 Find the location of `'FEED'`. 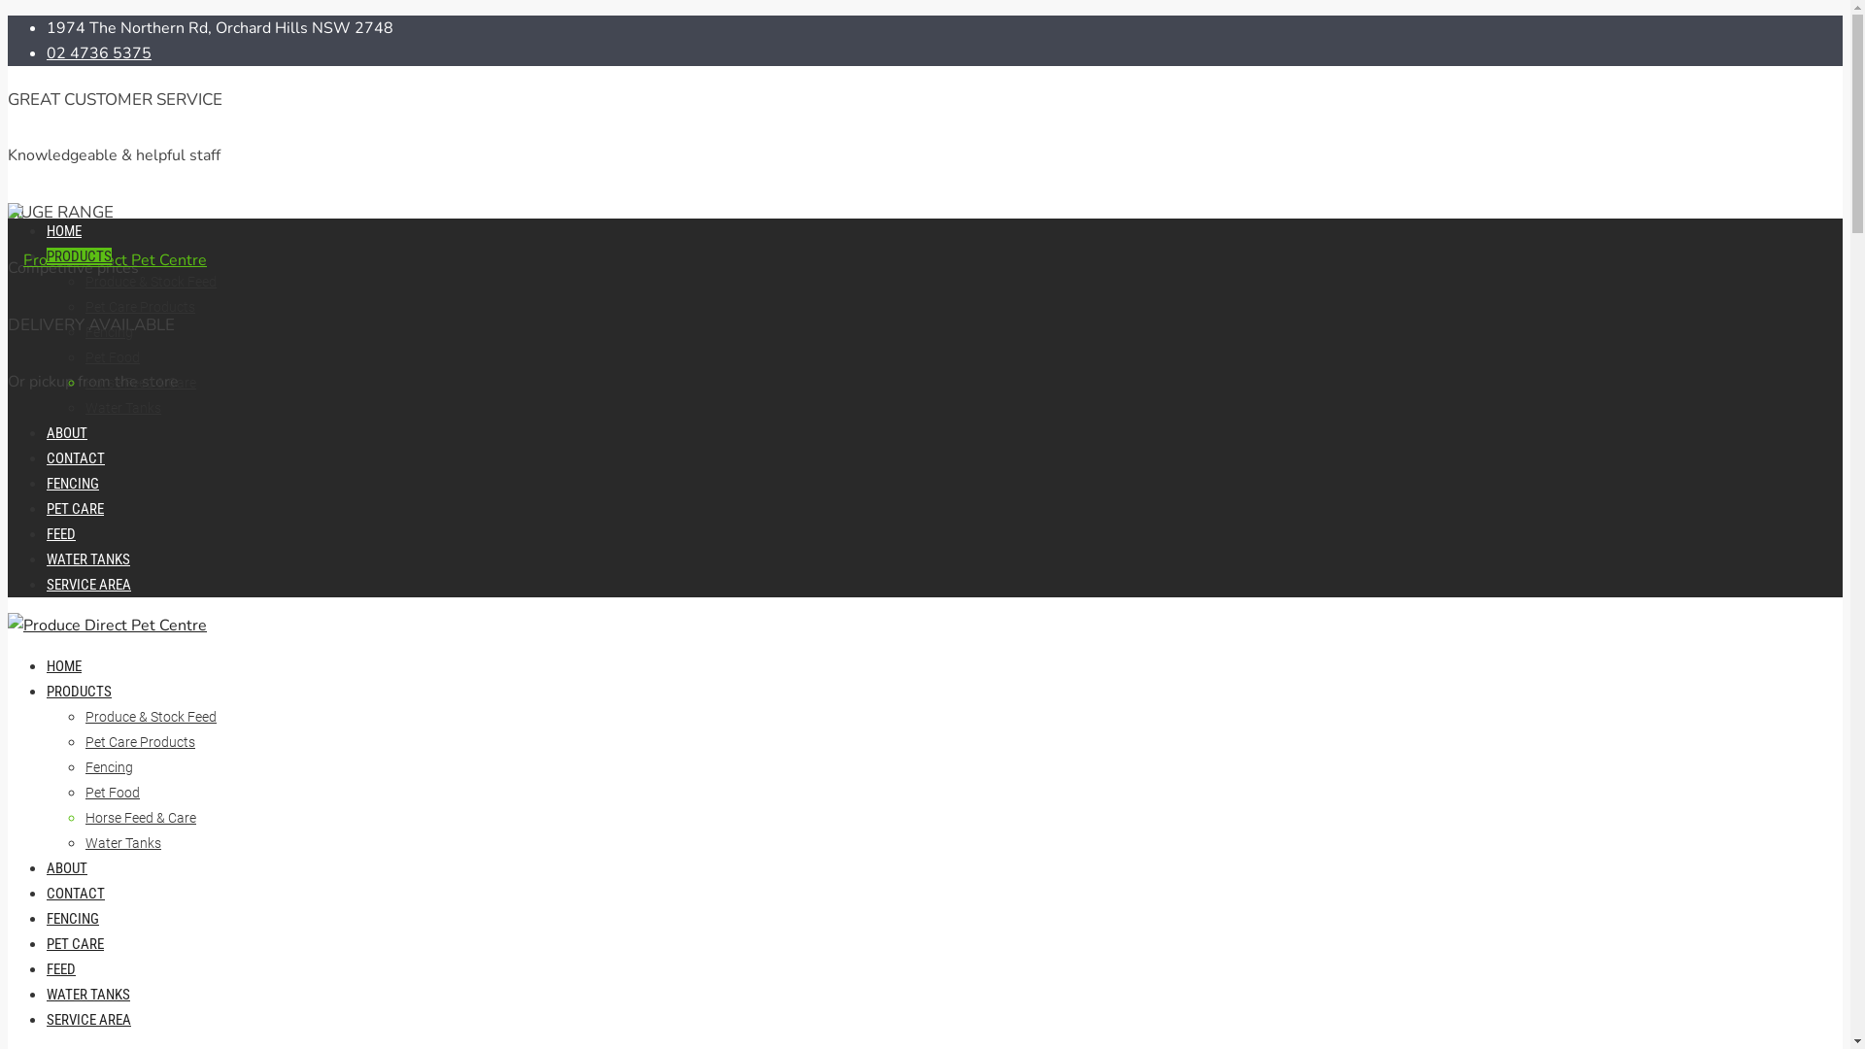

'FEED' is located at coordinates (60, 534).